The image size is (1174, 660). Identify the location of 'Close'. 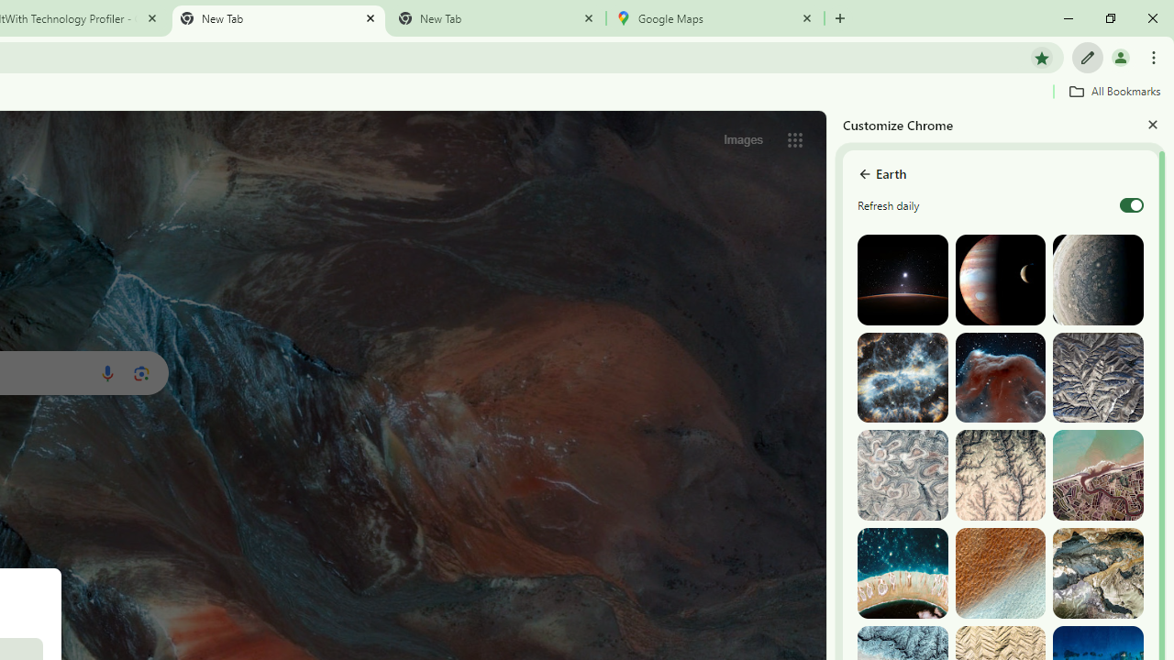
(1151, 124).